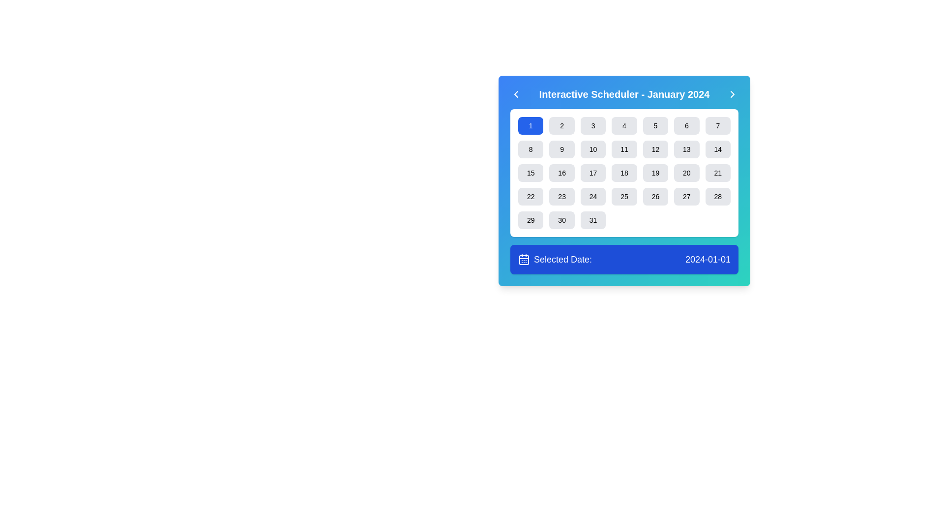 The width and height of the screenshot is (944, 531). Describe the element at coordinates (530, 125) in the screenshot. I see `the button displaying the number '1' with a blue background` at that location.